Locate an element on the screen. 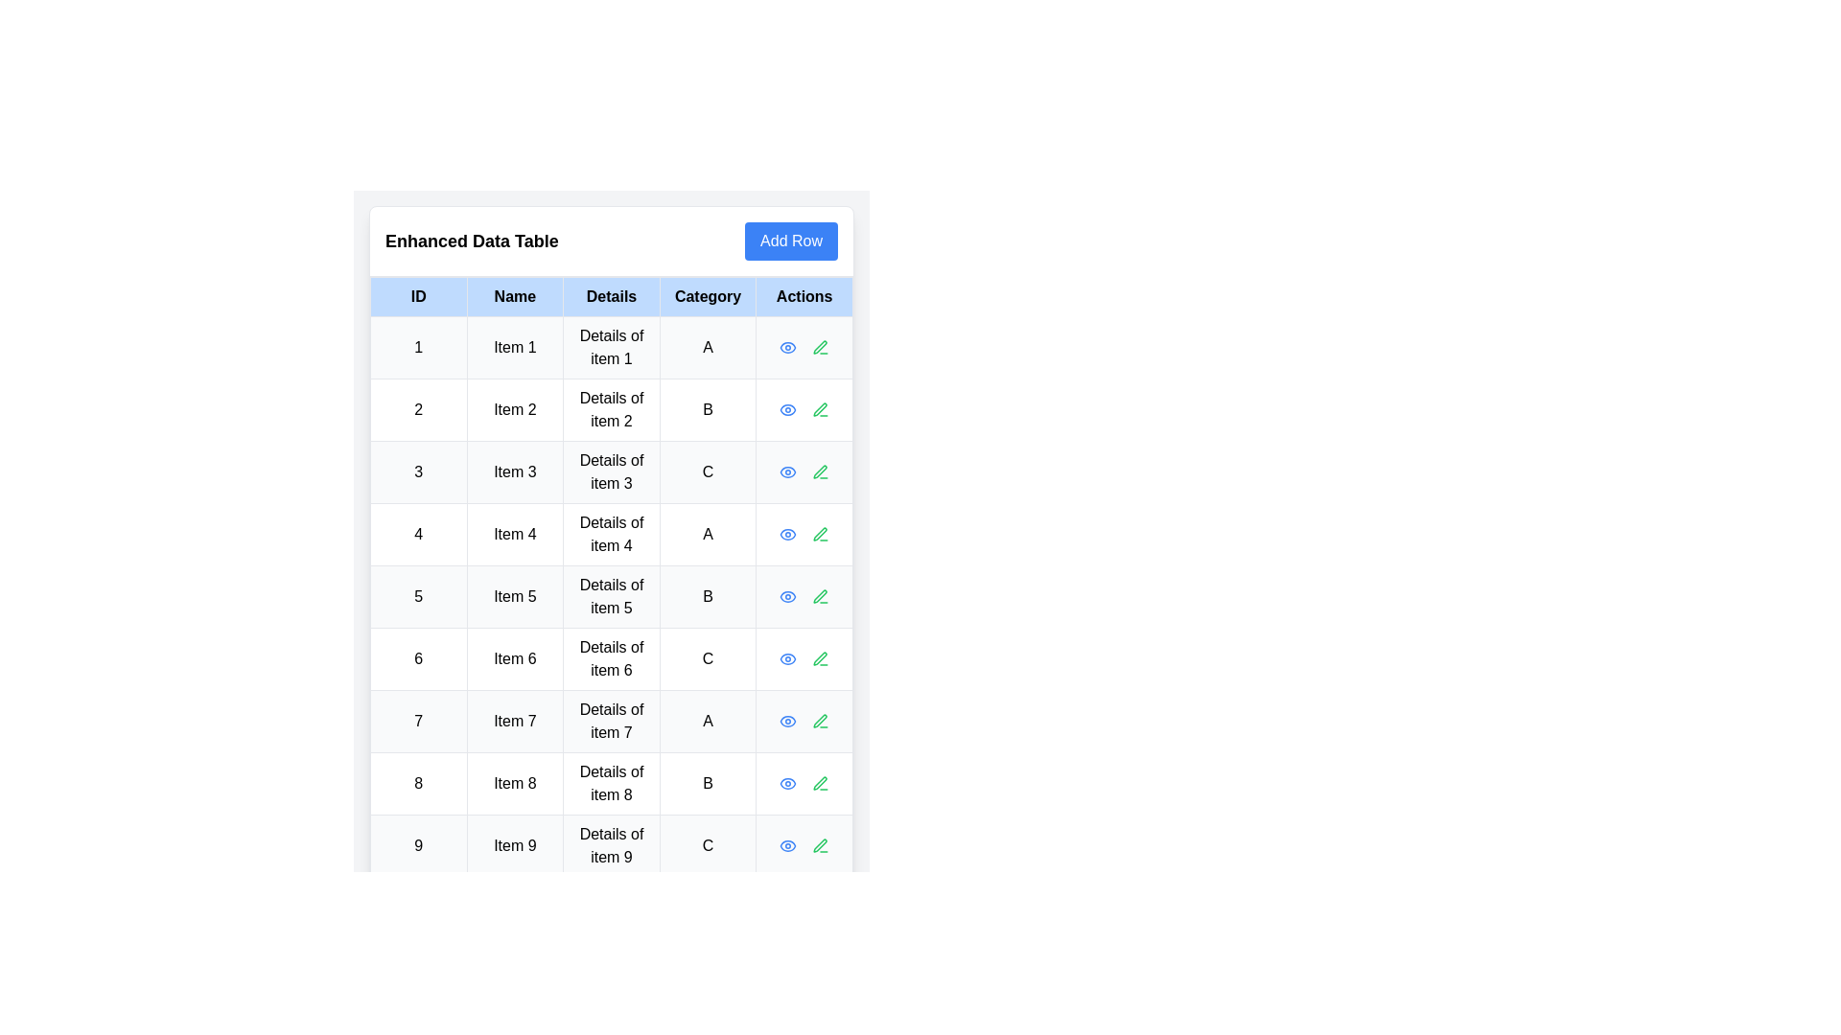 This screenshot has width=1841, height=1035. the blue eye icon button in the actions column of the second row of the data table is located at coordinates (788, 409).